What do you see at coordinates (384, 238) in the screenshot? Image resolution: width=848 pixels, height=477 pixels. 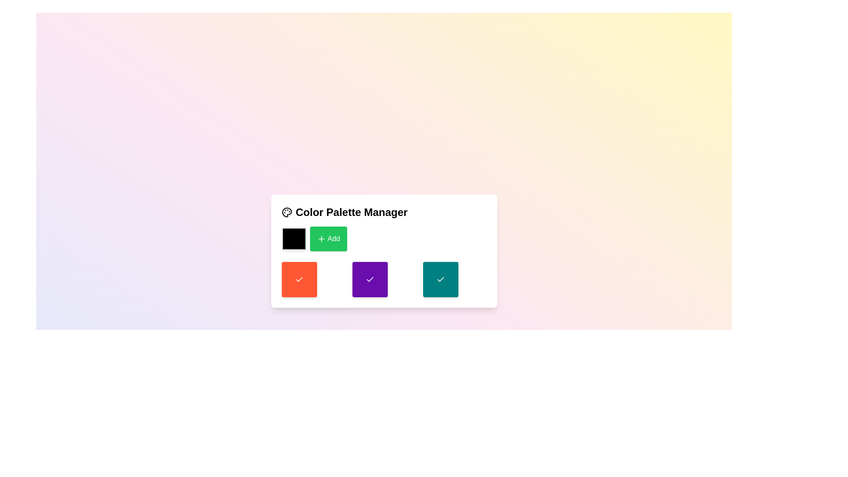 I see `the 'Add' button in the Horizontal Row with Interactive Button located in the 'Color Palette Manager' card to observe the hover effect` at bounding box center [384, 238].